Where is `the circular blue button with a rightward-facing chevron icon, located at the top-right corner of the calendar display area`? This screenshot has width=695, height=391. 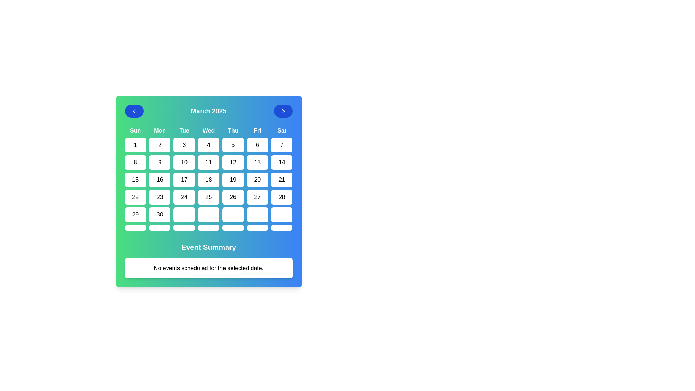
the circular blue button with a rightward-facing chevron icon, located at the top-right corner of the calendar display area is located at coordinates (283, 111).